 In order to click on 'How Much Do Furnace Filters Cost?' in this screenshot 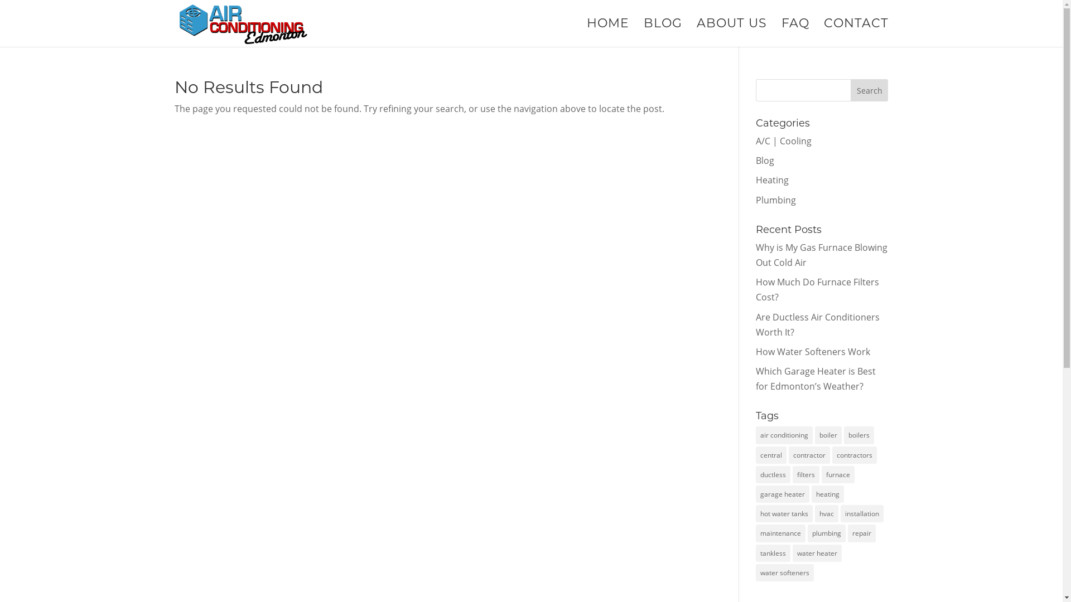, I will do `click(817, 289)`.